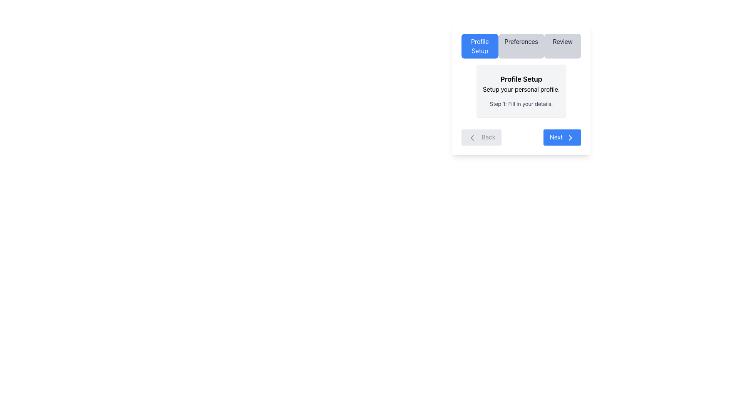 The width and height of the screenshot is (739, 416). I want to click on the 'Back' button icon located to the left of the 'Back' text label in the bottom left part of the card section, so click(472, 137).